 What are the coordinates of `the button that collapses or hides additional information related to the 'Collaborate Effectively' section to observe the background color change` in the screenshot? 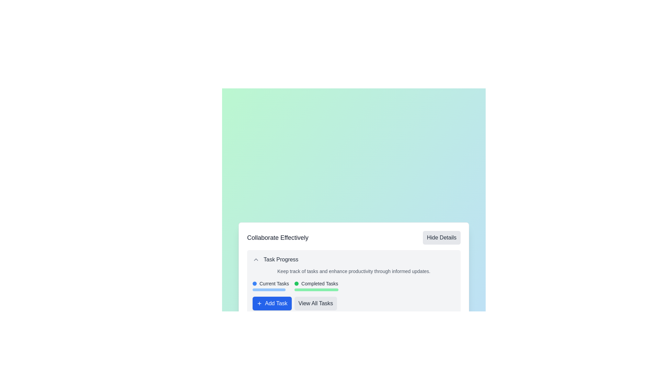 It's located at (441, 237).